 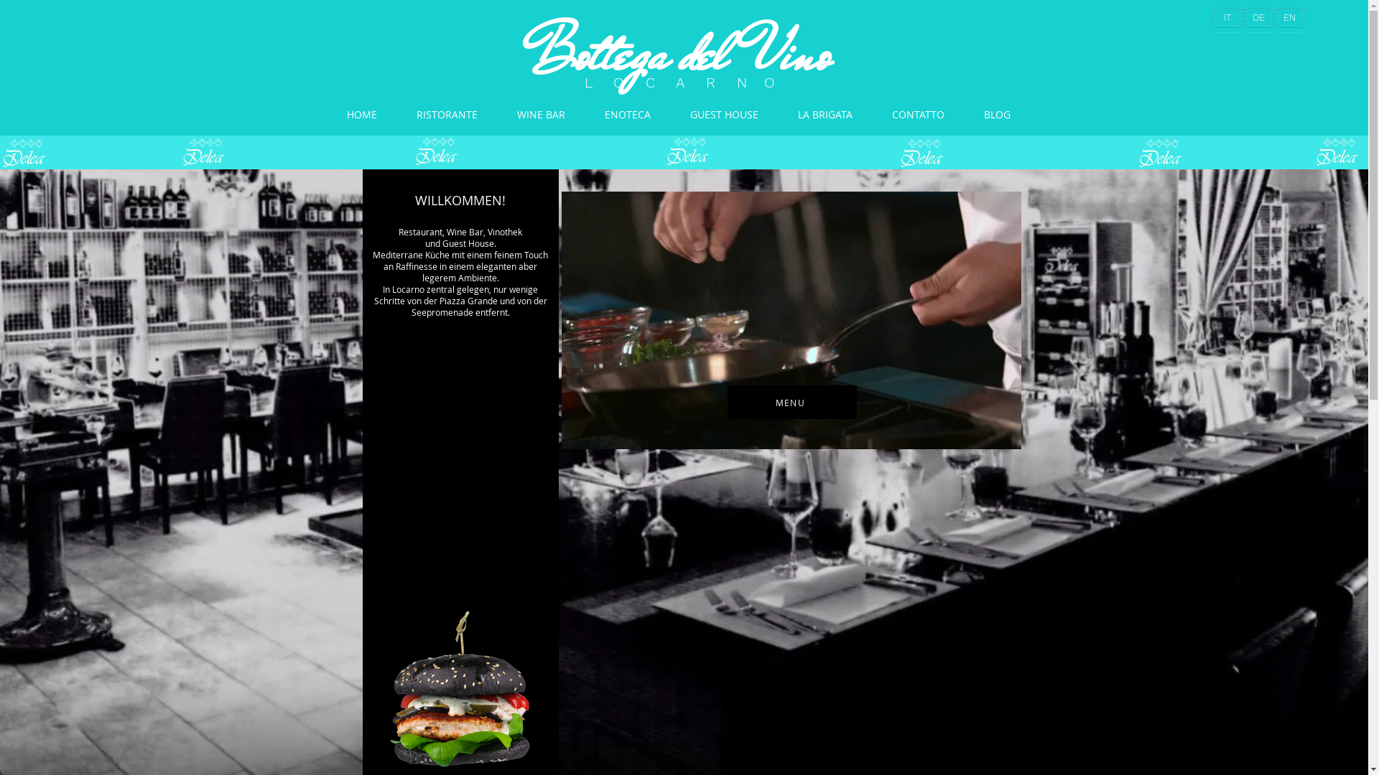 I want to click on 'LA BRIGATA', so click(x=825, y=113).